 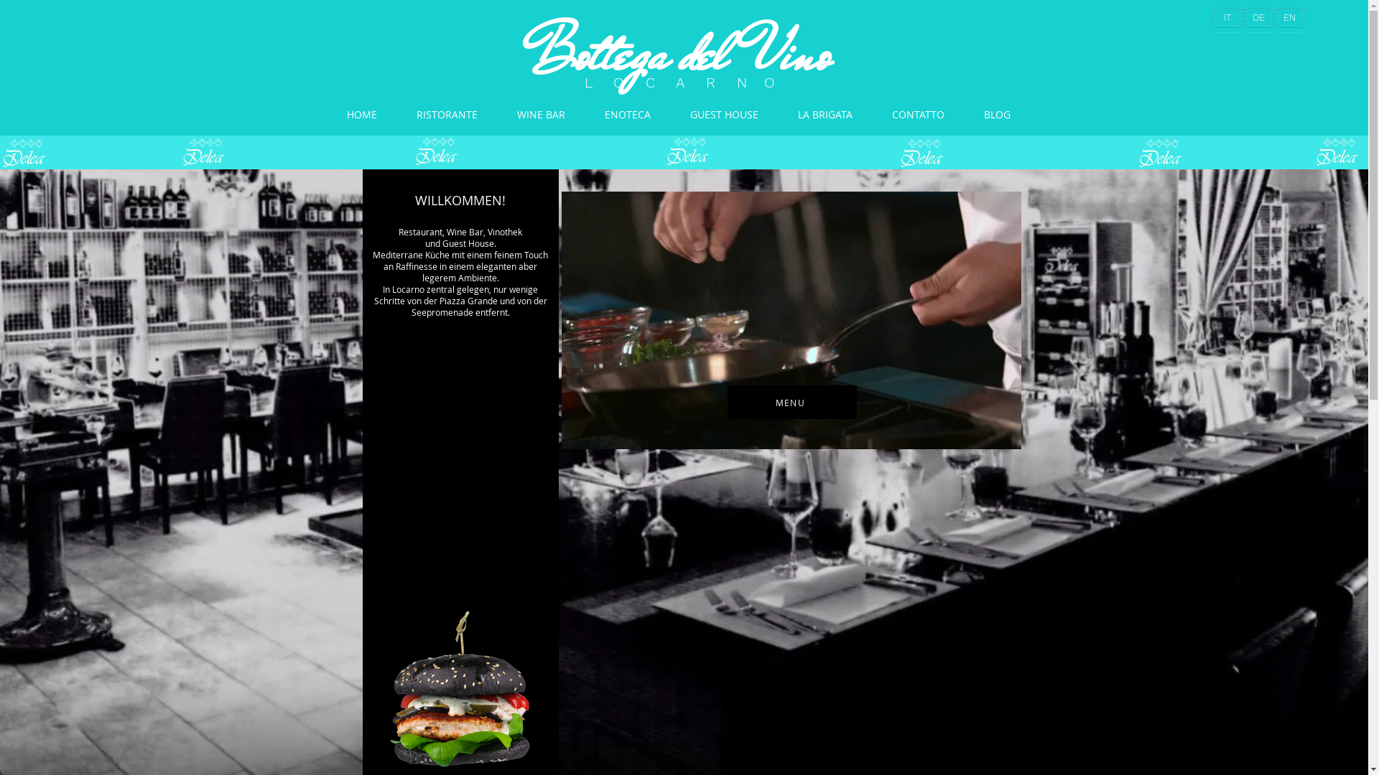 I want to click on 'LA BRIGATA', so click(x=825, y=113).